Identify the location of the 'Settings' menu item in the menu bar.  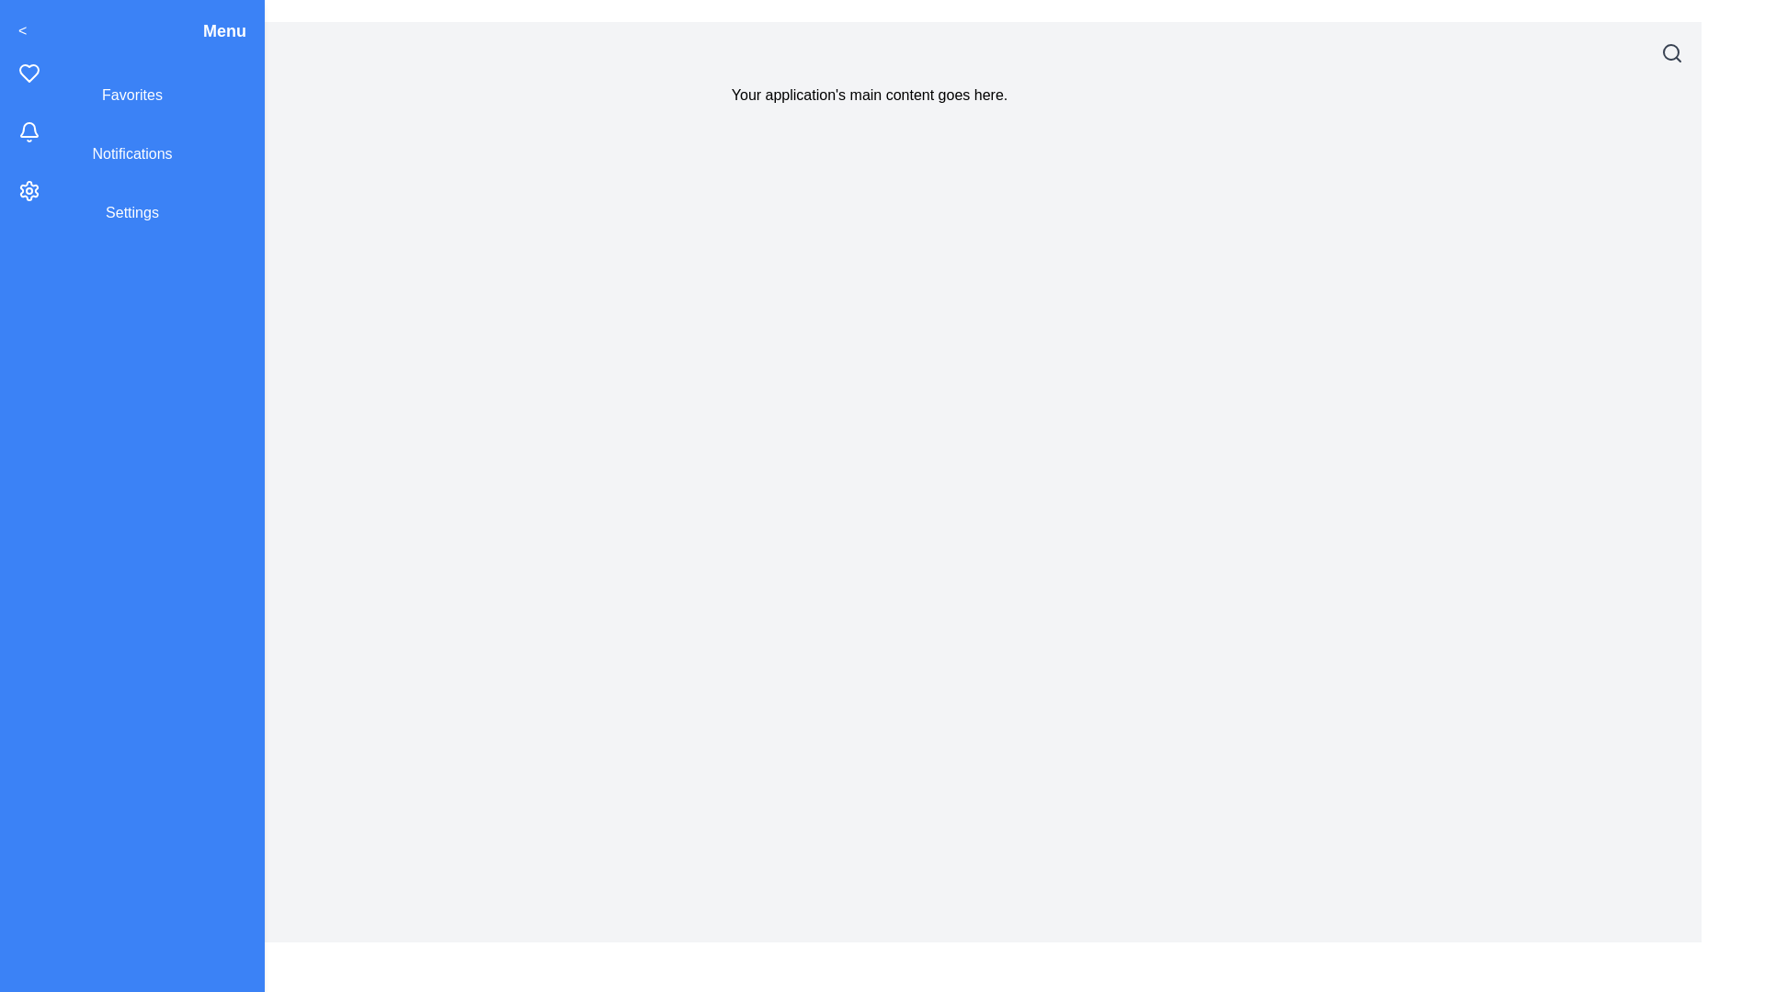
(131, 201).